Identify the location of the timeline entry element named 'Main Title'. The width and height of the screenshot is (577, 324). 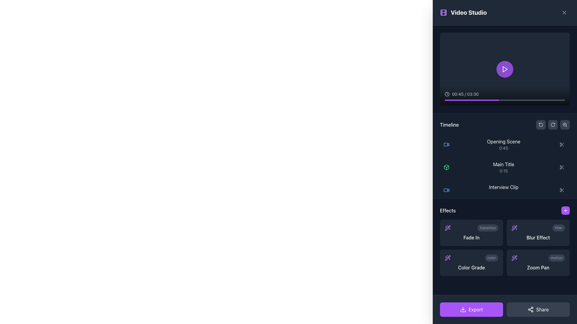
(505, 163).